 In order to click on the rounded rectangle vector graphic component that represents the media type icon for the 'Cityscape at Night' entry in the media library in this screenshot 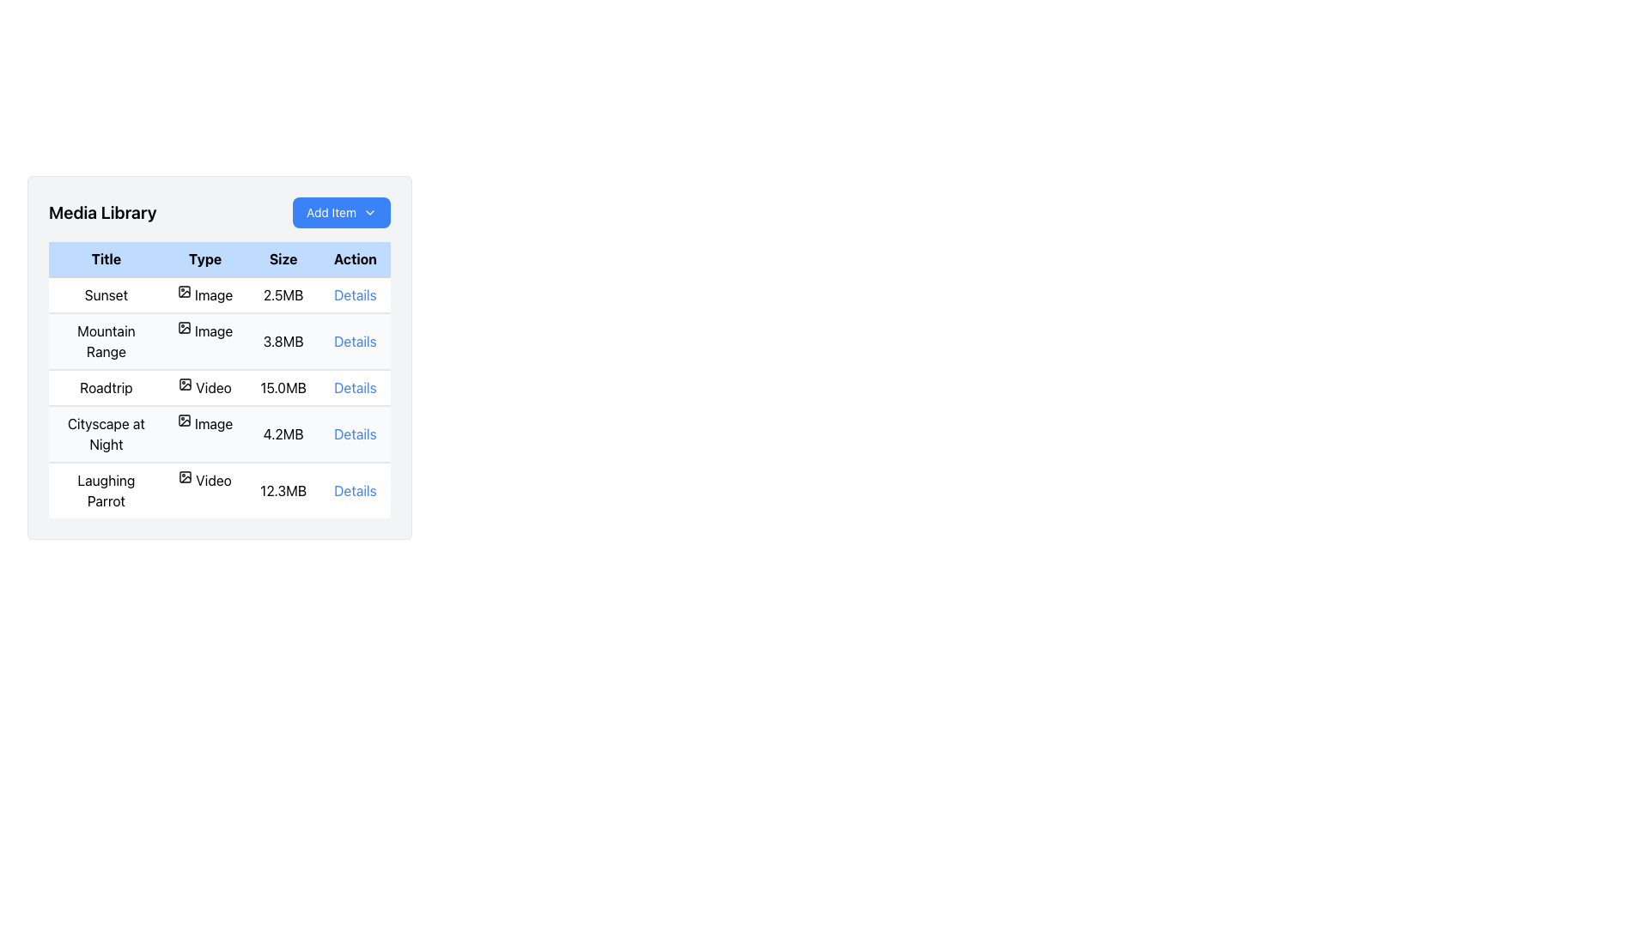, I will do `click(184, 420)`.